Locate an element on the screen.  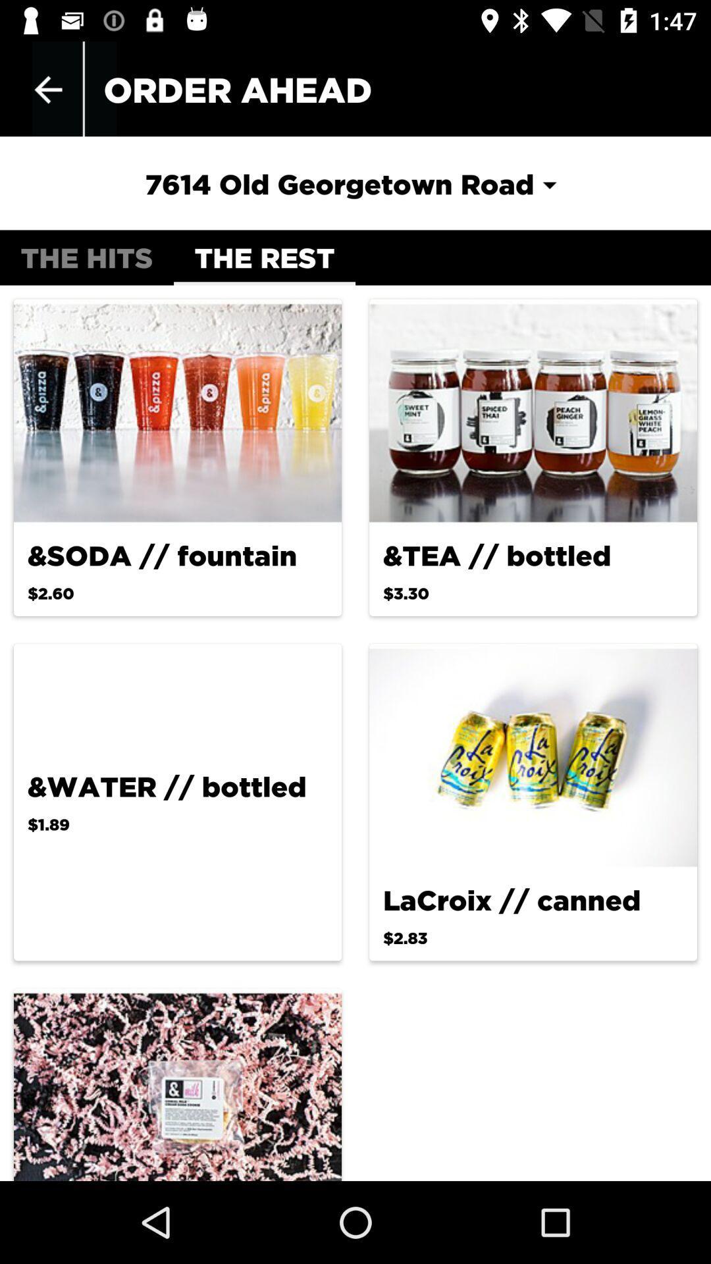
item next to order ahead app is located at coordinates (47, 89).